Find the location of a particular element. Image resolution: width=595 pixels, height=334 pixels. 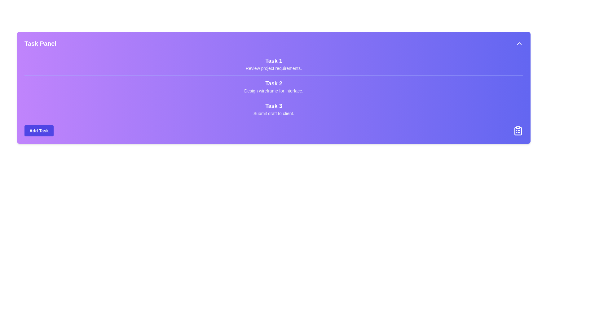

the task management icon located at the far right of the task management panel is located at coordinates (518, 131).